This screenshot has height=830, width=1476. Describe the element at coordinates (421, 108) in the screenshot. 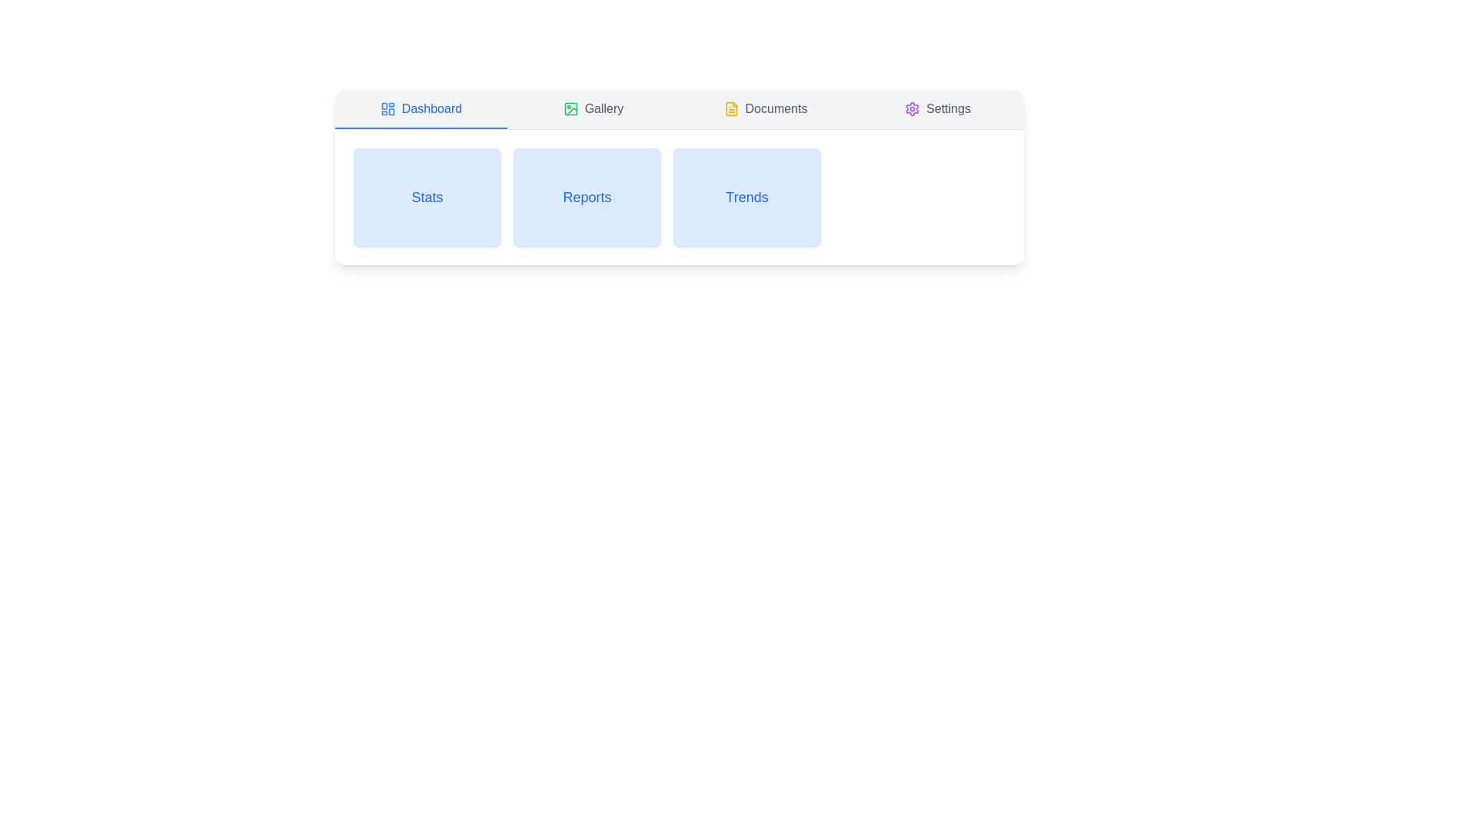

I see `the 'Dashboard' button located at the first position in the navigation bar, which features a blue grid icon on a white background` at that location.